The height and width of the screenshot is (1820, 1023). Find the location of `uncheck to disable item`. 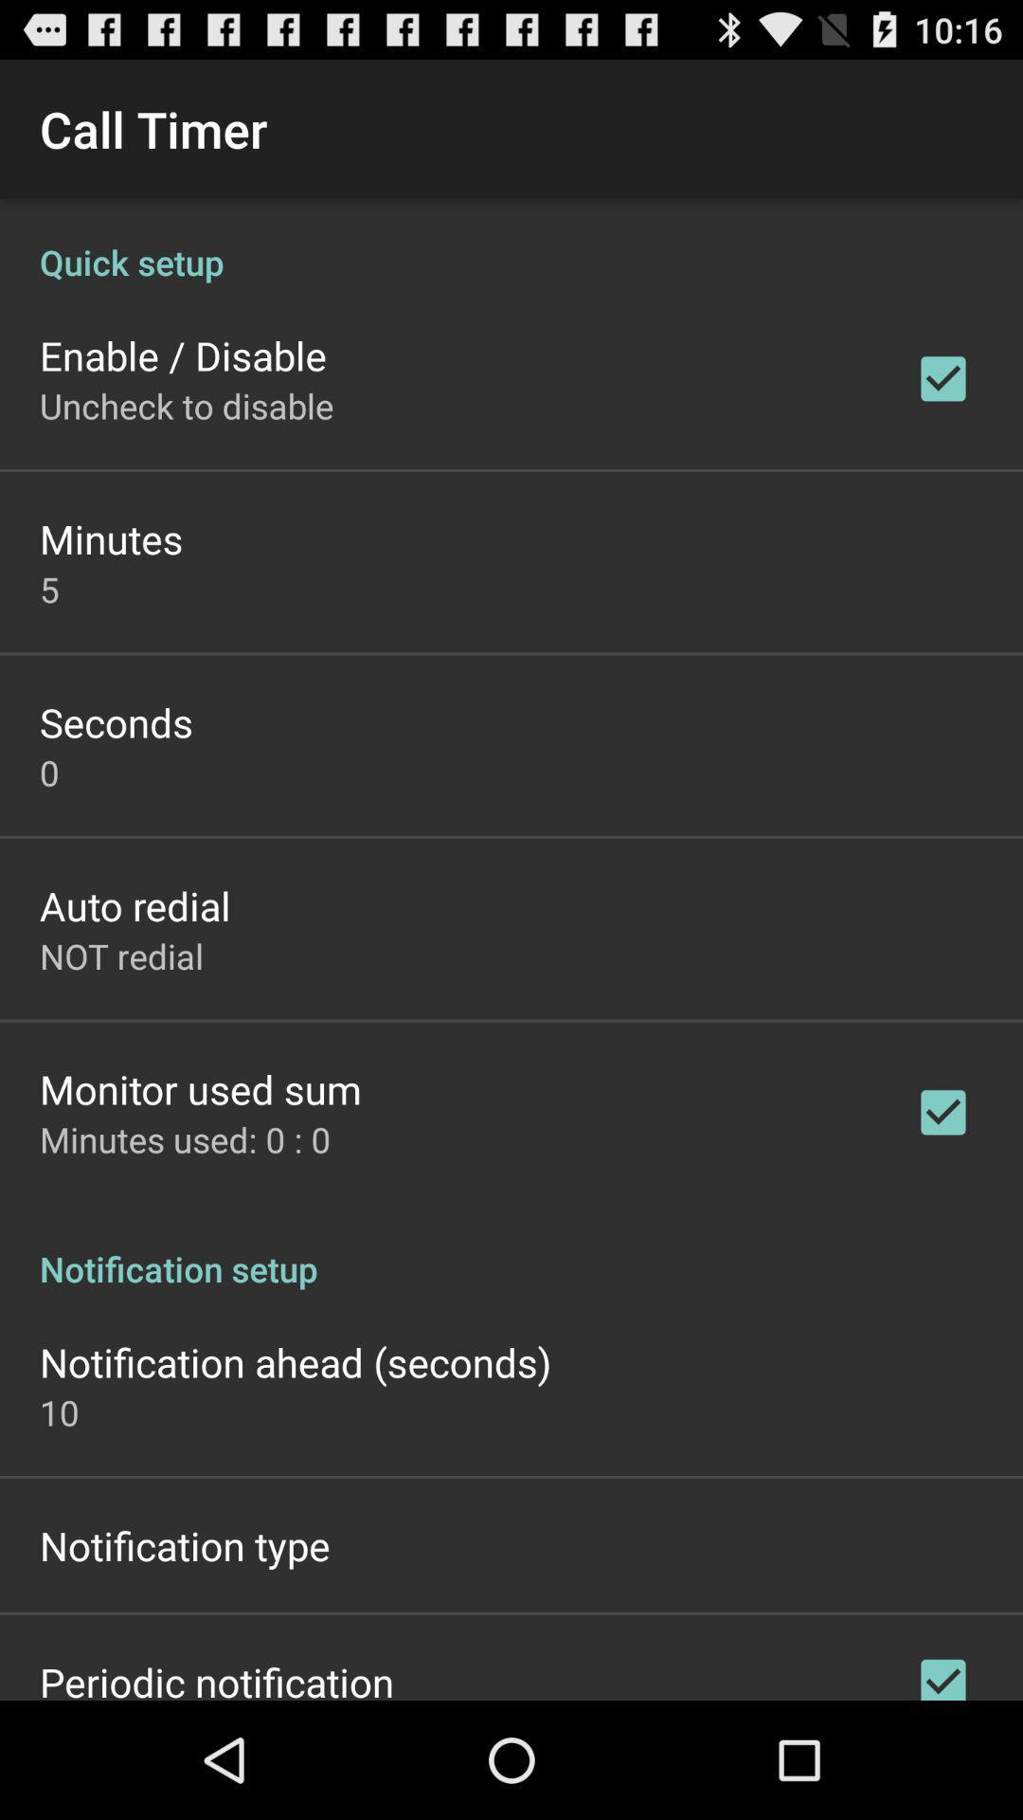

uncheck to disable item is located at coordinates (187, 405).